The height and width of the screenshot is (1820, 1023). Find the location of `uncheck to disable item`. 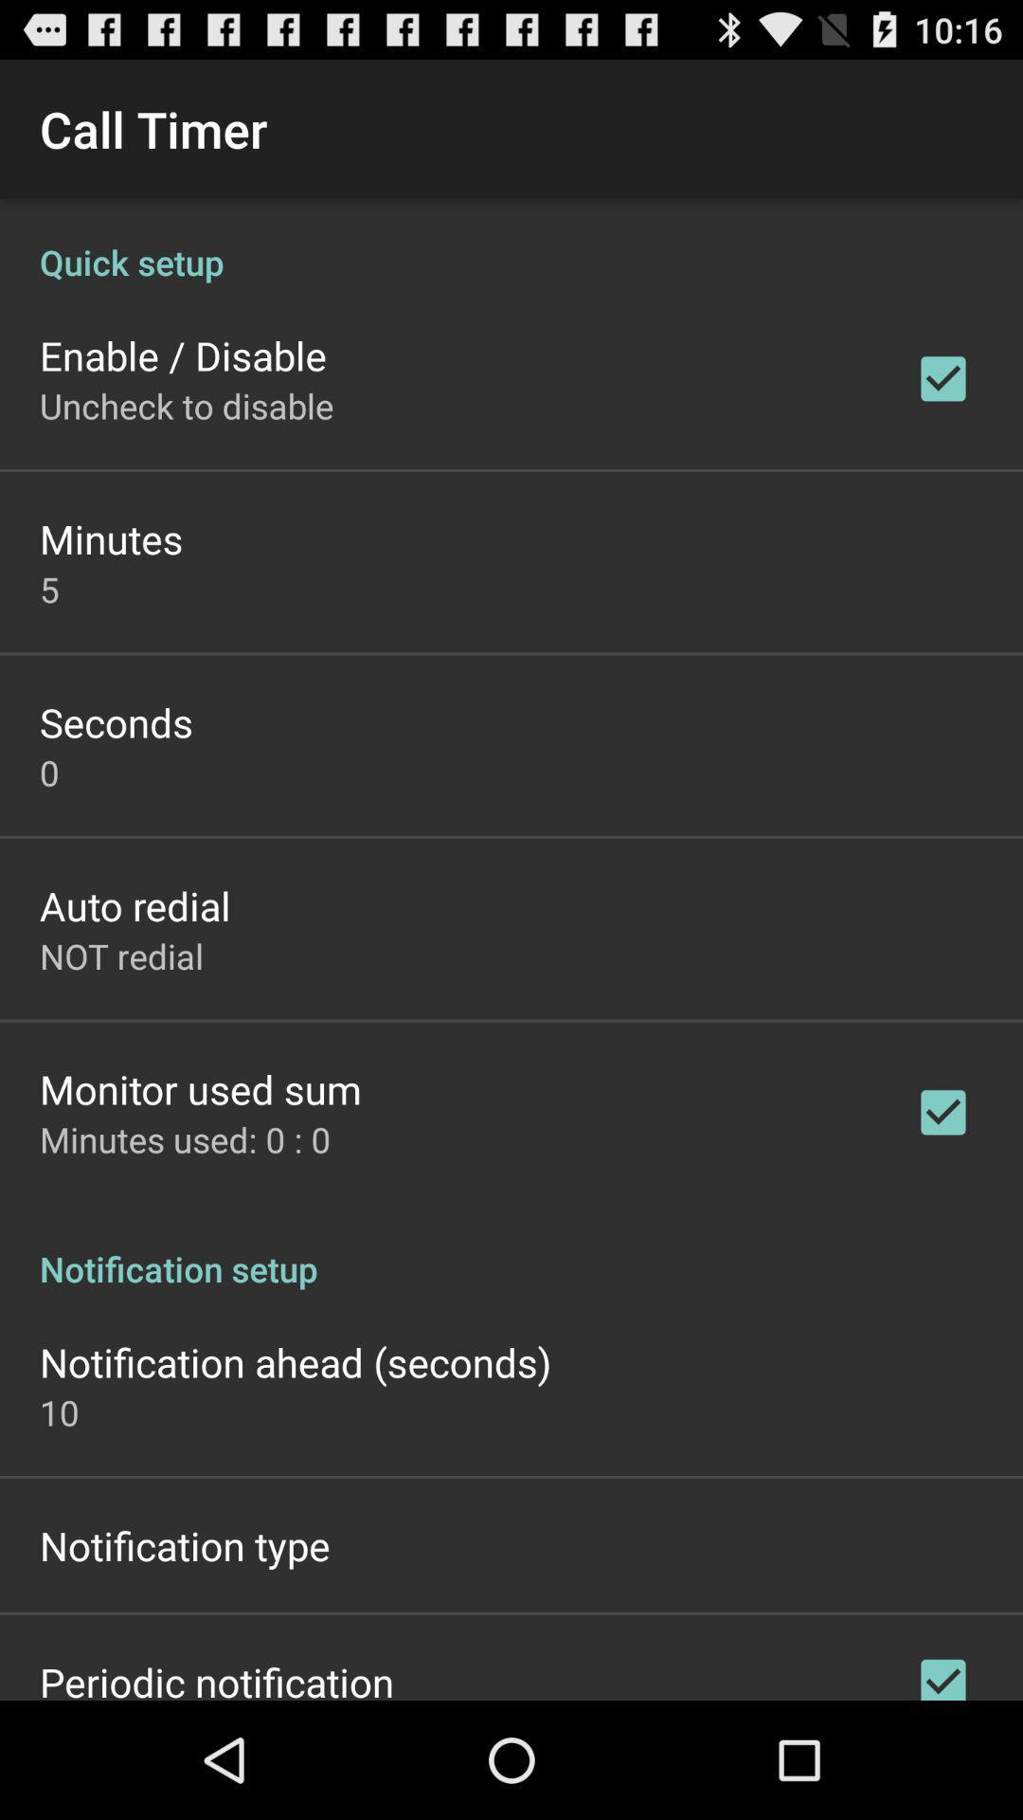

uncheck to disable item is located at coordinates (187, 405).